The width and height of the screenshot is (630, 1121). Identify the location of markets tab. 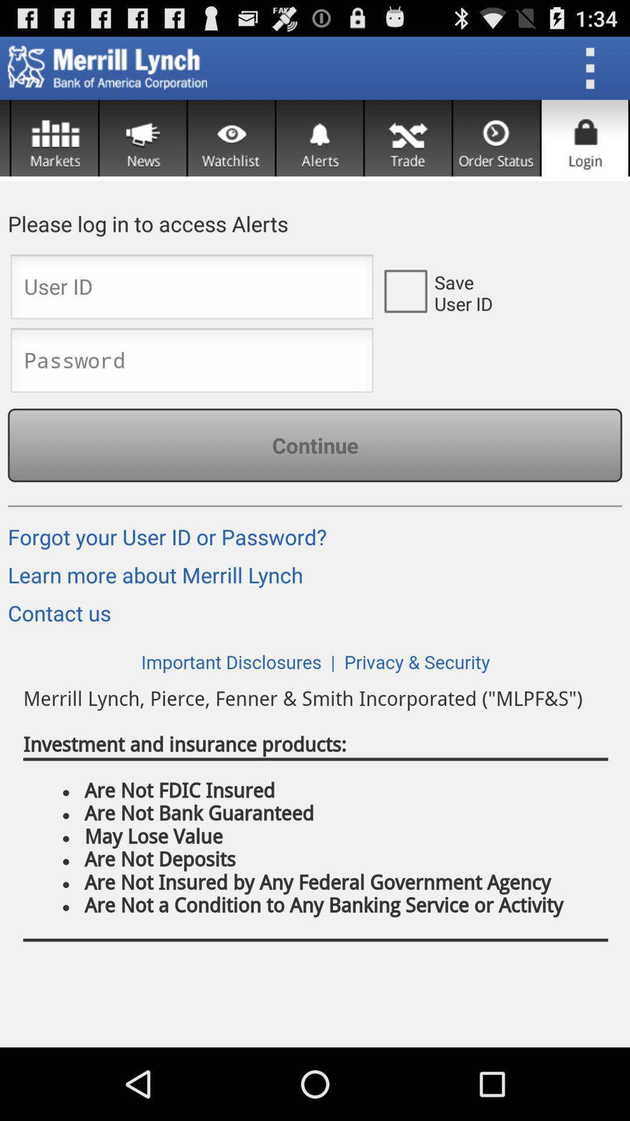
(54, 138).